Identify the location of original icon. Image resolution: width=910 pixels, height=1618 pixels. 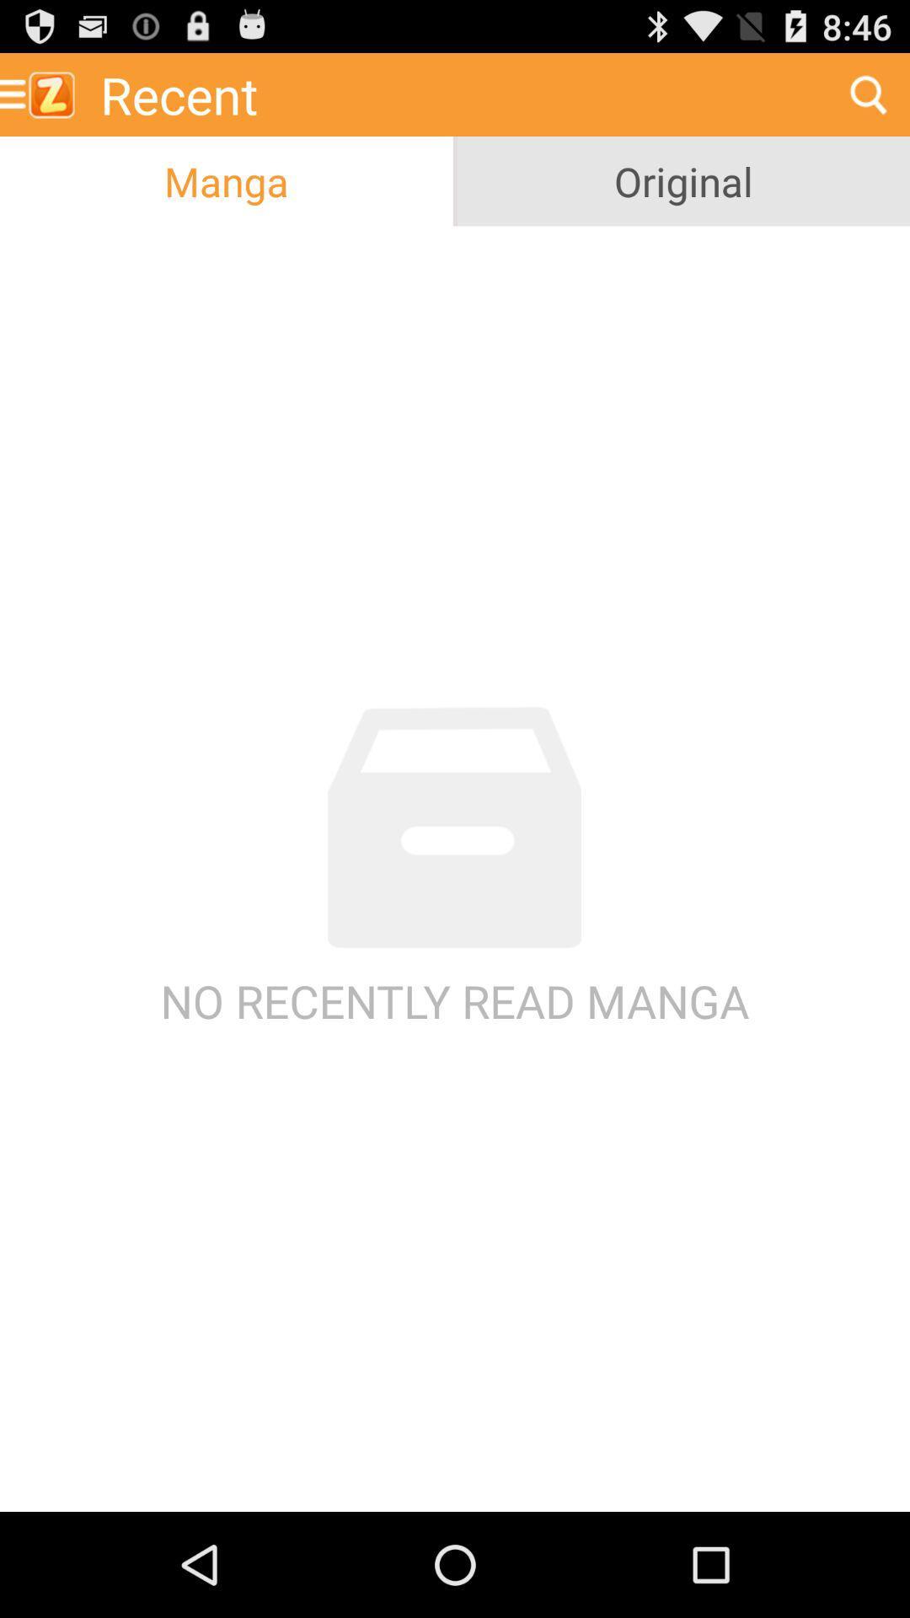
(683, 181).